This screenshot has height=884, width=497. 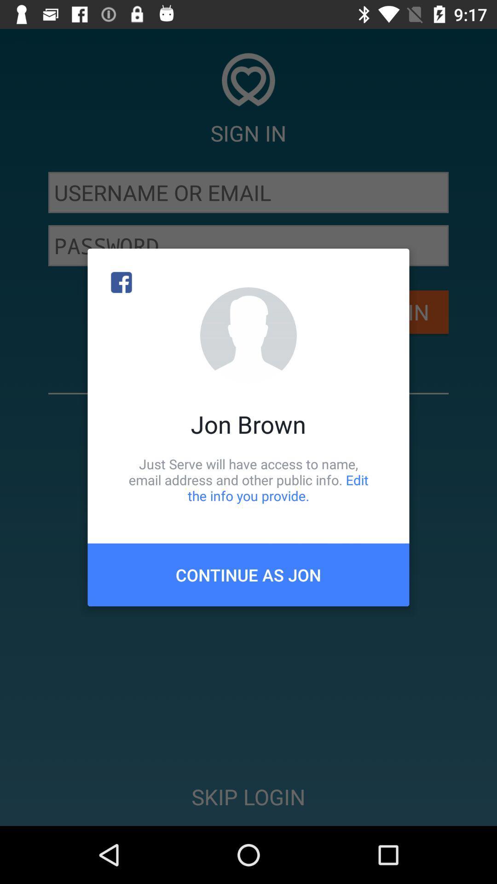 I want to click on the just serve will item, so click(x=248, y=479).